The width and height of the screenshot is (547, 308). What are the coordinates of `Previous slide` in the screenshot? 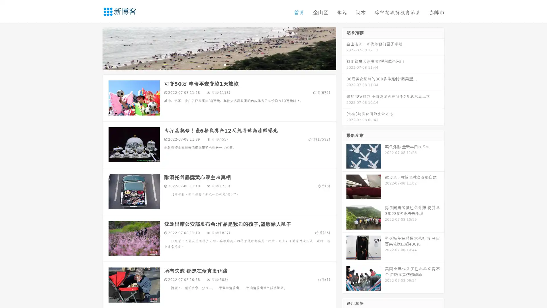 It's located at (94, 48).